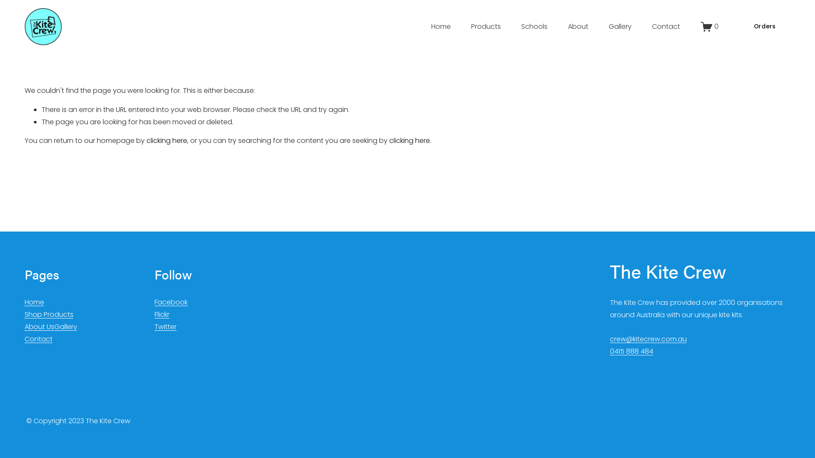 Image resolution: width=815 pixels, height=458 pixels. What do you see at coordinates (155, 327) in the screenshot?
I see `'Twitter'` at bounding box center [155, 327].